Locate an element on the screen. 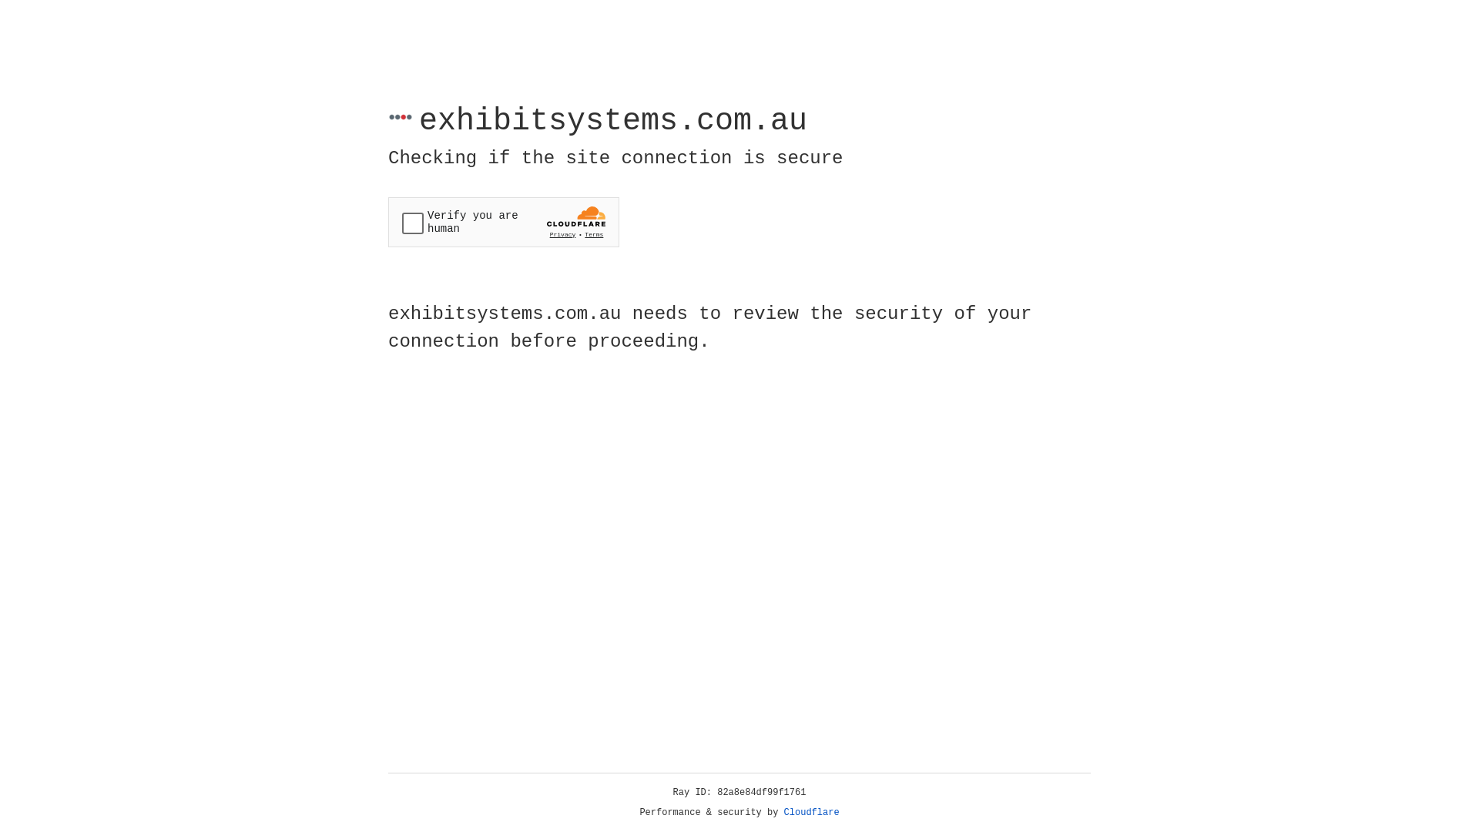 The height and width of the screenshot is (832, 1479). 'Cloudflare' is located at coordinates (811, 812).